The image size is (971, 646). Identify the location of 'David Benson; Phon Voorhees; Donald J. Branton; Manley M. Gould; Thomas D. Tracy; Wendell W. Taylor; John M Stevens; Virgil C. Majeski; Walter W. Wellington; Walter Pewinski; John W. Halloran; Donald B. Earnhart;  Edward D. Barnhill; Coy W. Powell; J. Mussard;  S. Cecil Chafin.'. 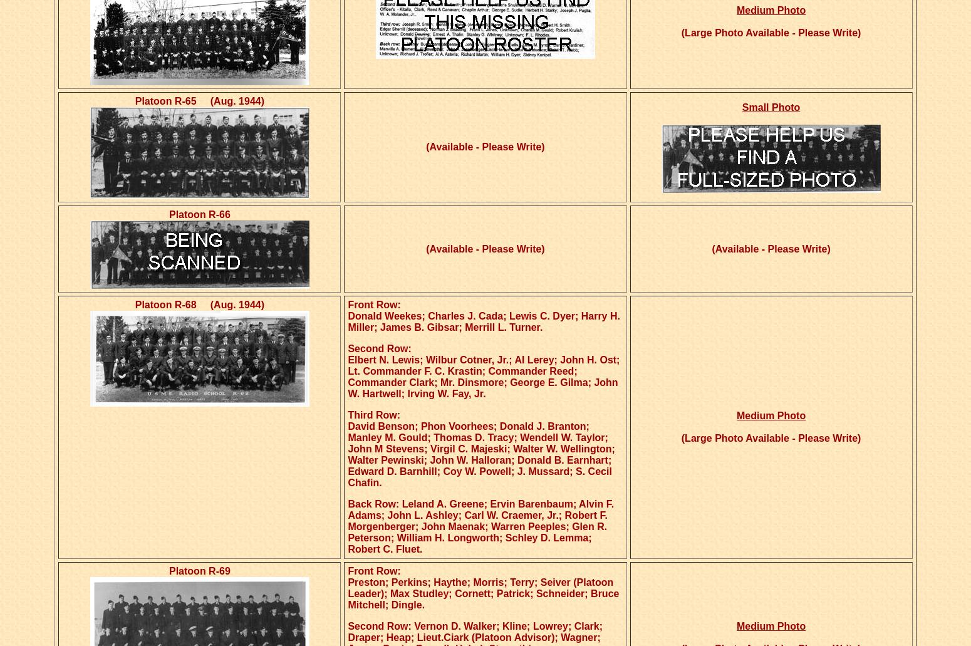
(348, 454).